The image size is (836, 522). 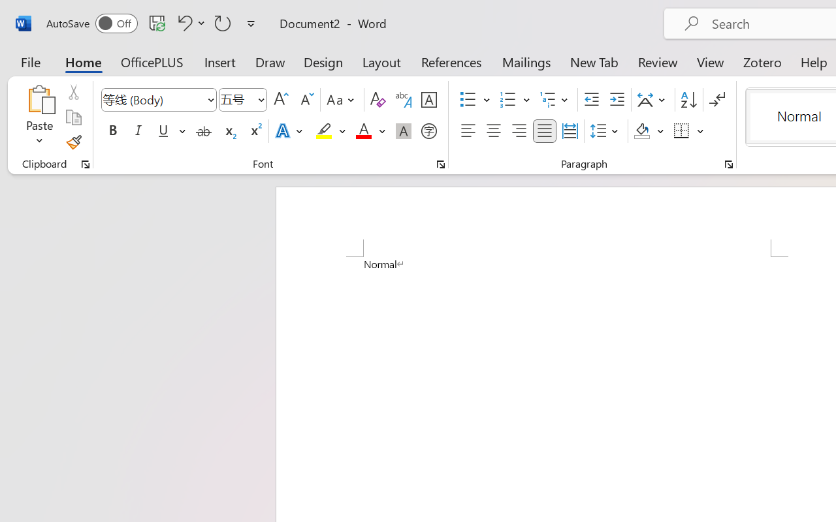 I want to click on 'Draw', so click(x=270, y=61).